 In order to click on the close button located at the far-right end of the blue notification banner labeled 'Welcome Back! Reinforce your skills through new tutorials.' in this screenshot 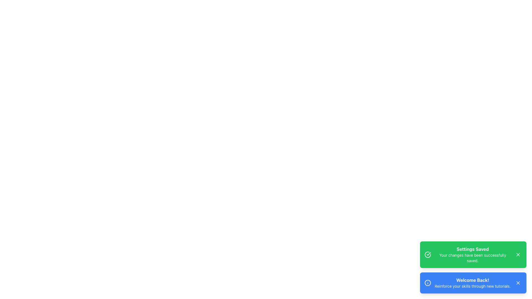, I will do `click(518, 283)`.